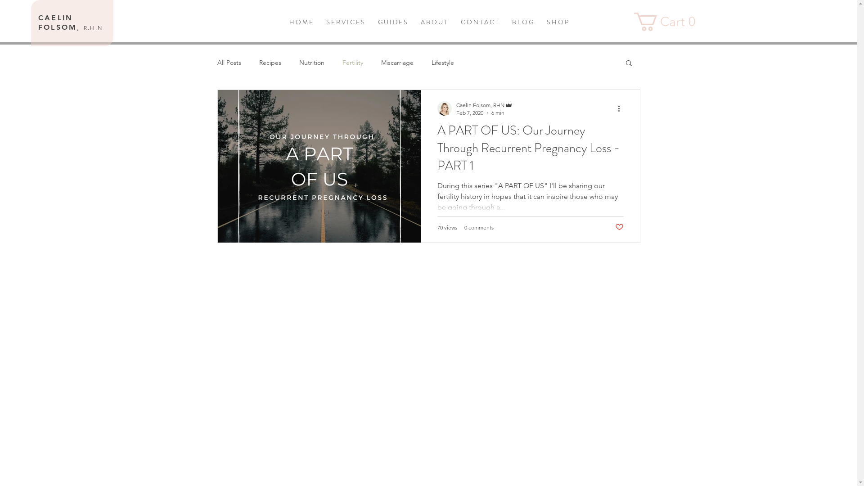  Describe the element at coordinates (319, 22) in the screenshot. I see `'S E R V I C E S'` at that location.